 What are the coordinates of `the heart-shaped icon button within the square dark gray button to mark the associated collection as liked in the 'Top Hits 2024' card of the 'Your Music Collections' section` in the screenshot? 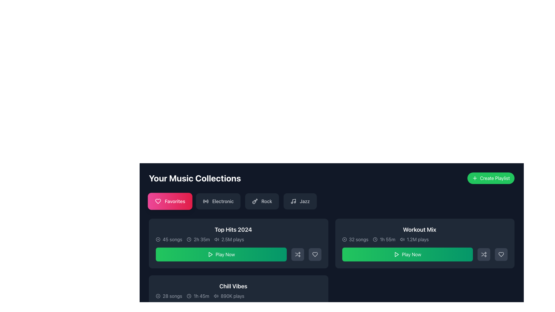 It's located at (314, 254).